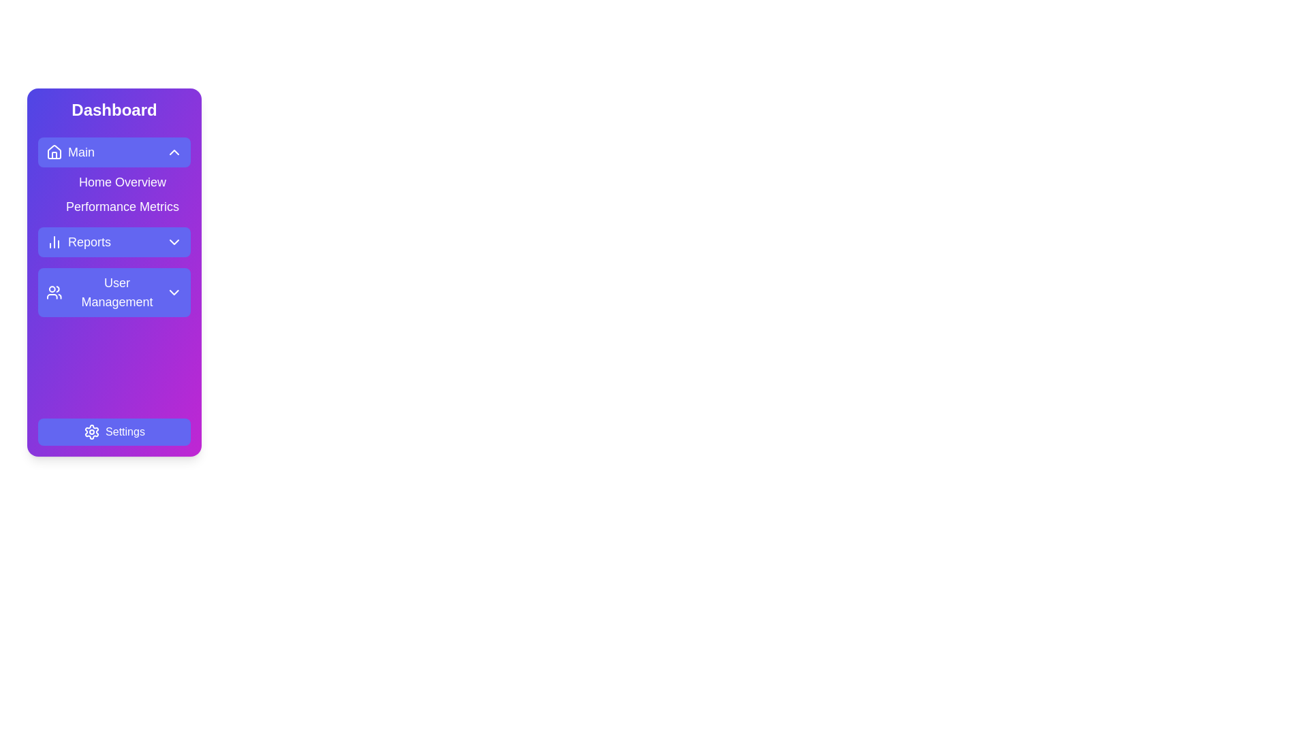 This screenshot has width=1308, height=735. I want to click on the 'User Management' button with a purple gradient background located, so click(114, 291).